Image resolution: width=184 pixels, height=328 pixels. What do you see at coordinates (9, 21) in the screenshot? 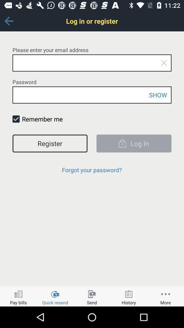
I see `previous` at bounding box center [9, 21].